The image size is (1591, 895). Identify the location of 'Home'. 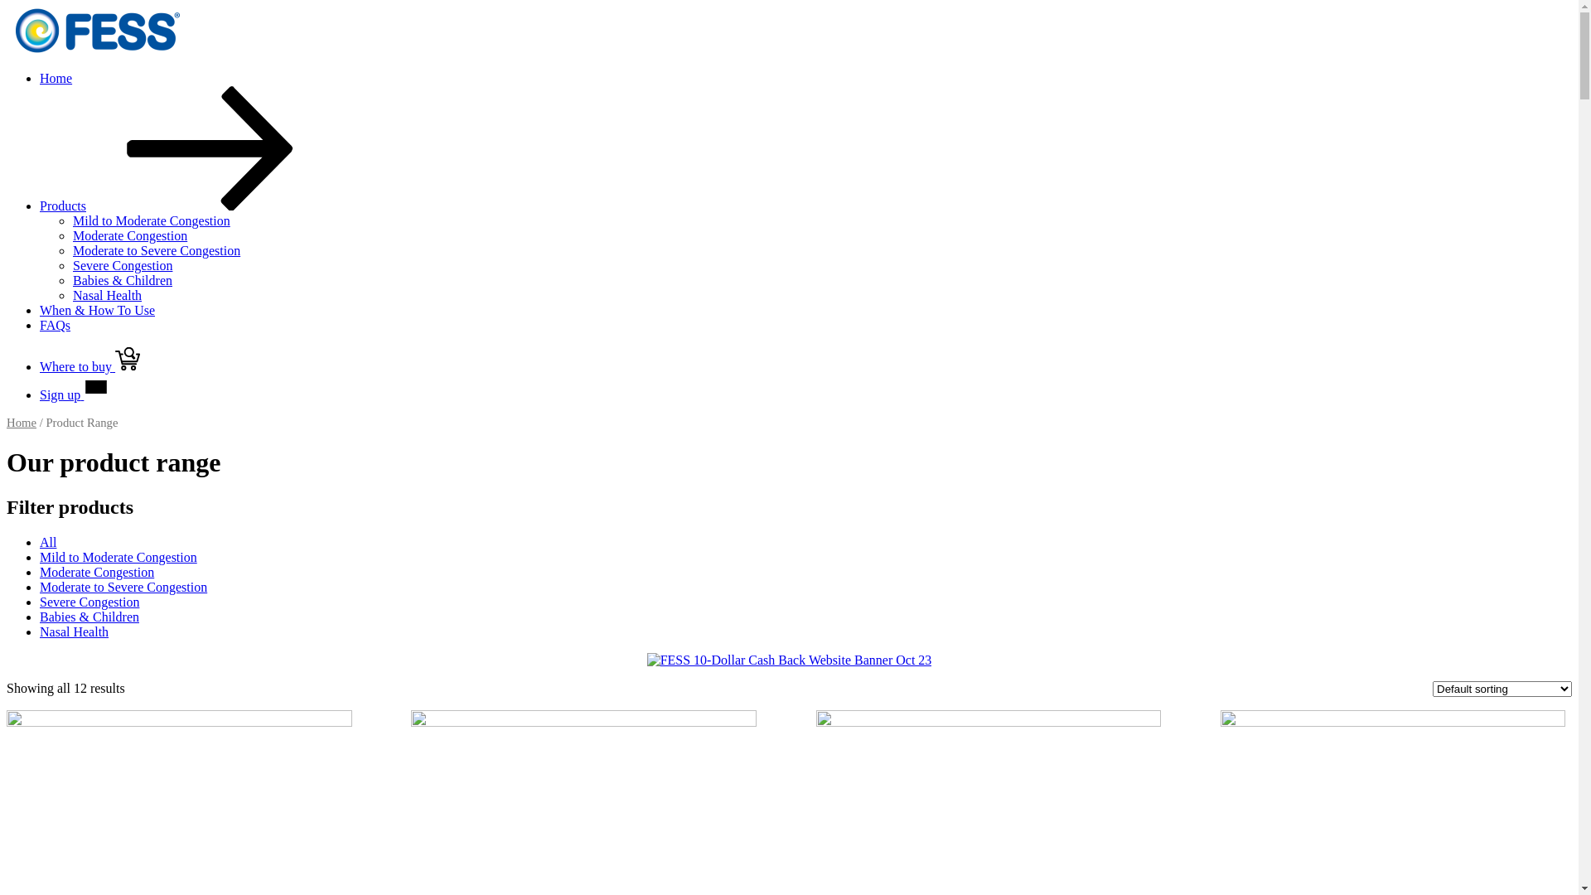
(7, 421).